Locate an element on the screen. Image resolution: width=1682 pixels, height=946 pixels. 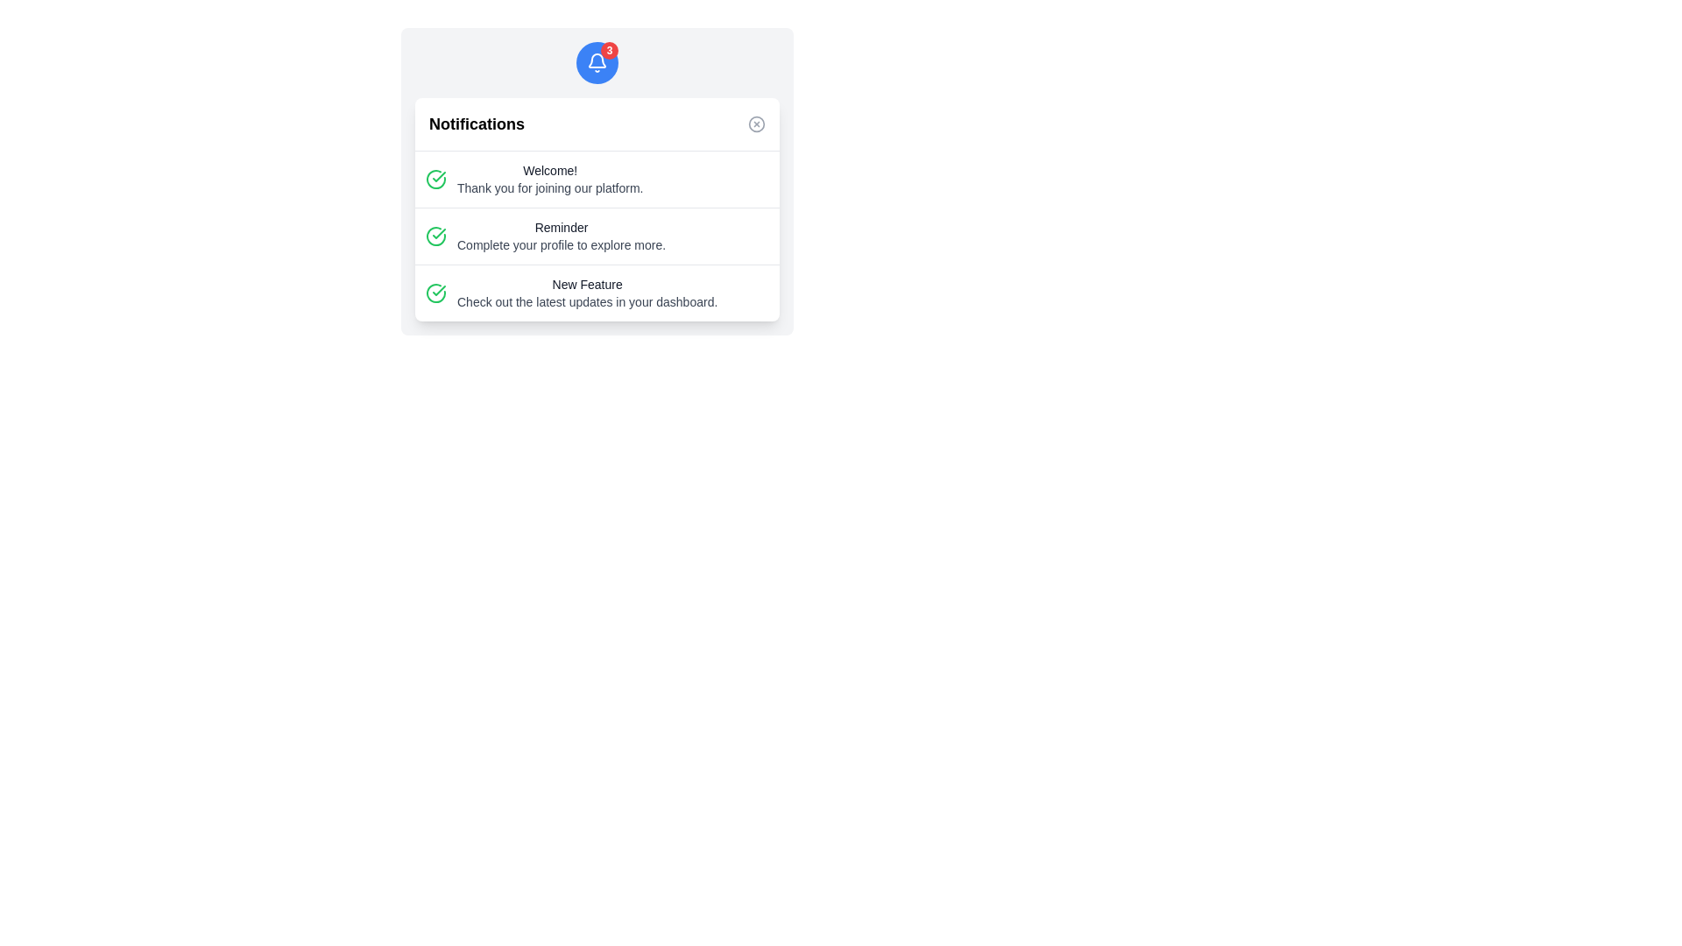
greeting text label located at the top of the notification card, which is centrally positioned above the secondary text line that states 'Thank you for joining our platform.' is located at coordinates (549, 171).